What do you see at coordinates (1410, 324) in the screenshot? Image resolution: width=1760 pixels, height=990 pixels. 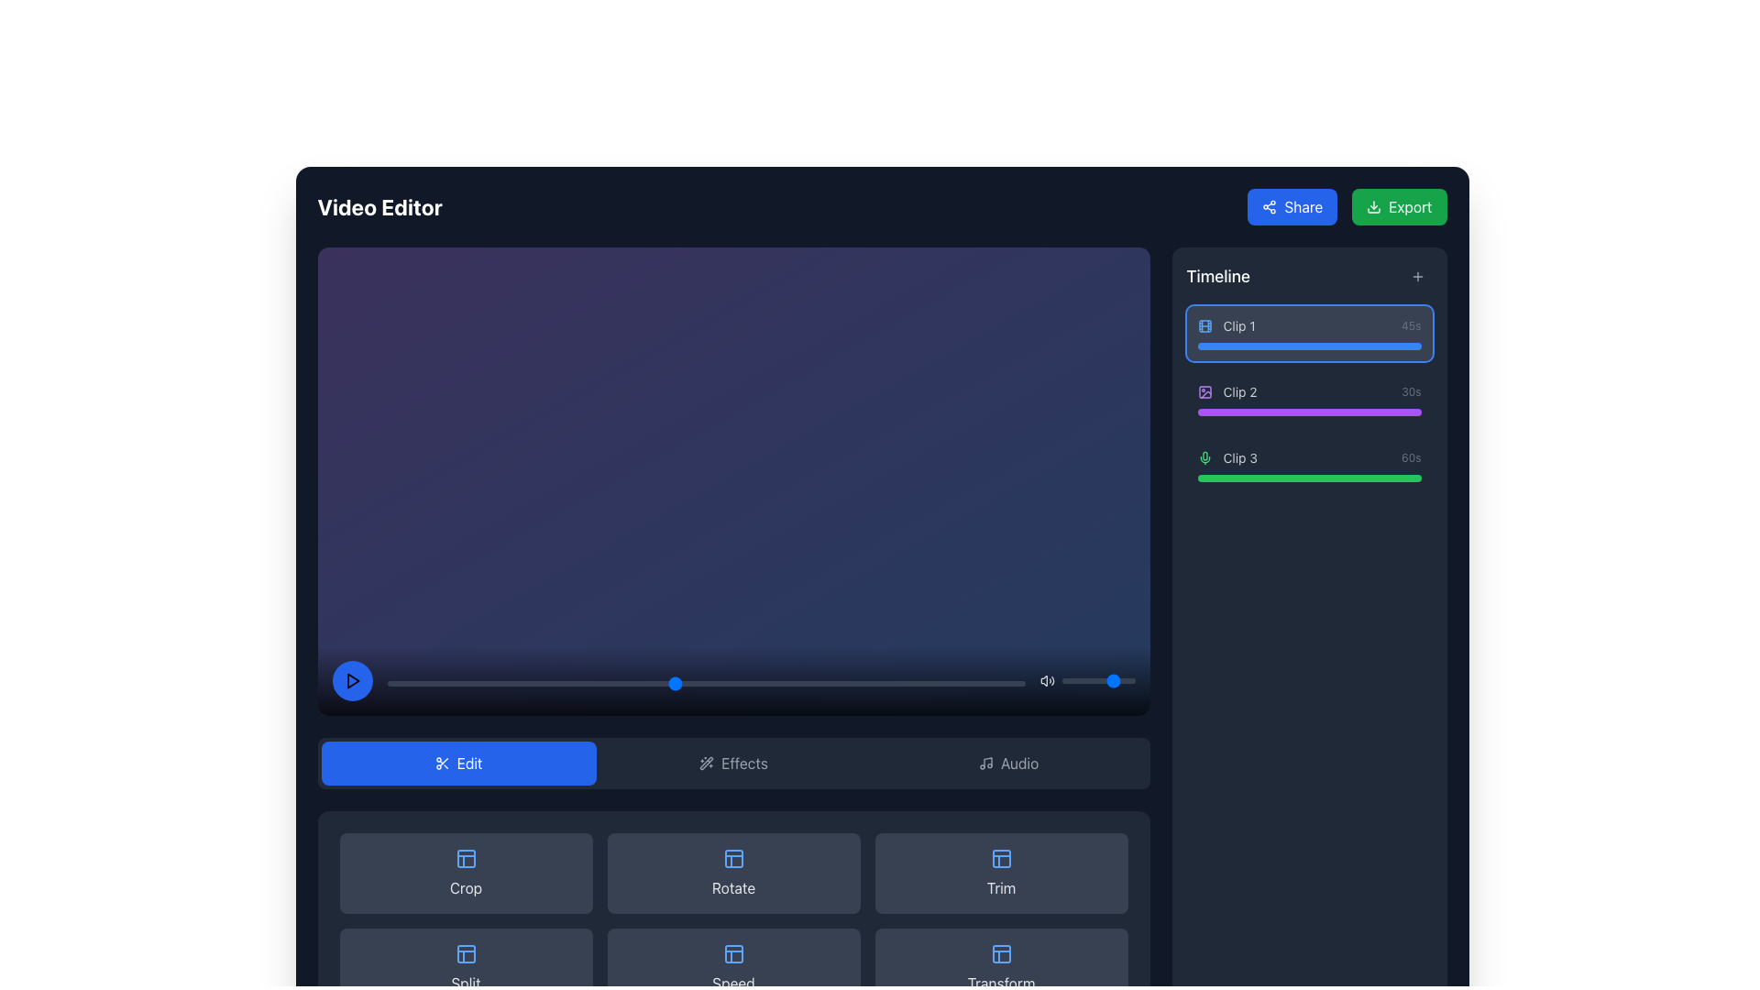 I see `the text label displaying the duration of the clip in seconds, located near the top-right corner of the UI adjacent to the timeline section` at bounding box center [1410, 324].